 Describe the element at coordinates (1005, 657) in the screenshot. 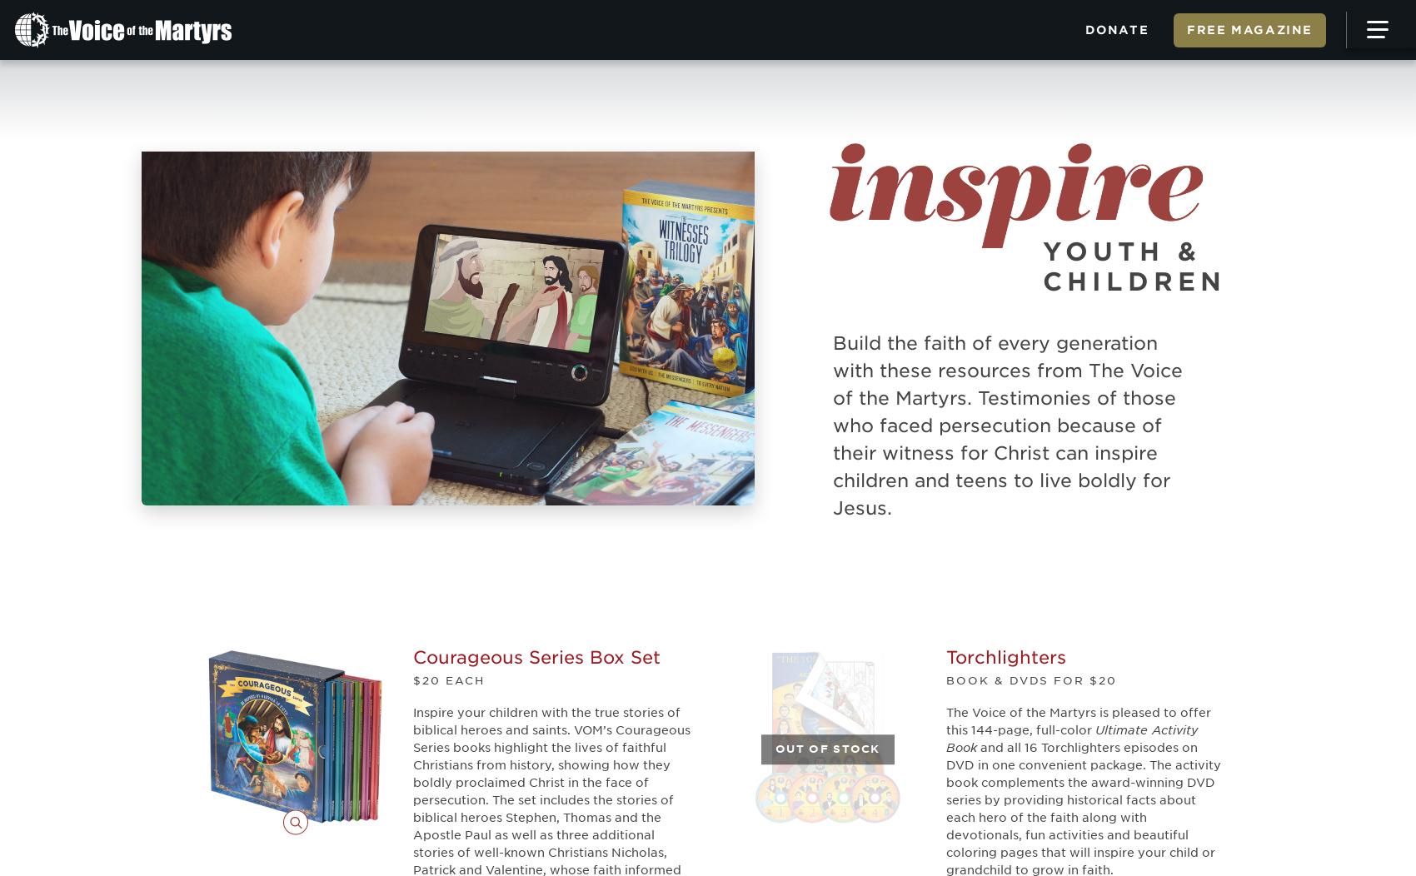

I see `'Torchlighters'` at that location.